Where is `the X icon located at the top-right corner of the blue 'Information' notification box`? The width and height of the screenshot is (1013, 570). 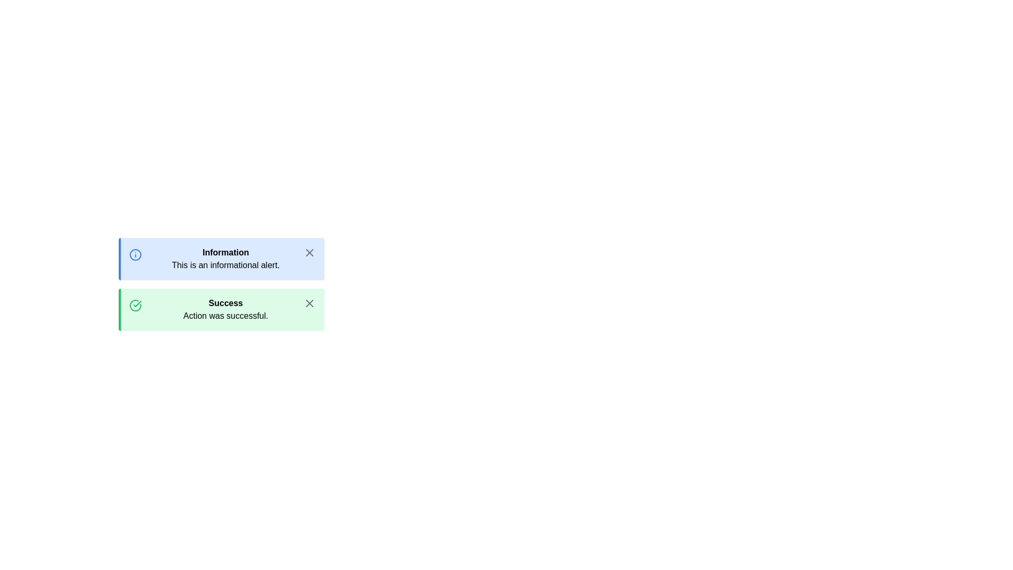 the X icon located at the top-right corner of the blue 'Information' notification box is located at coordinates (309, 252).